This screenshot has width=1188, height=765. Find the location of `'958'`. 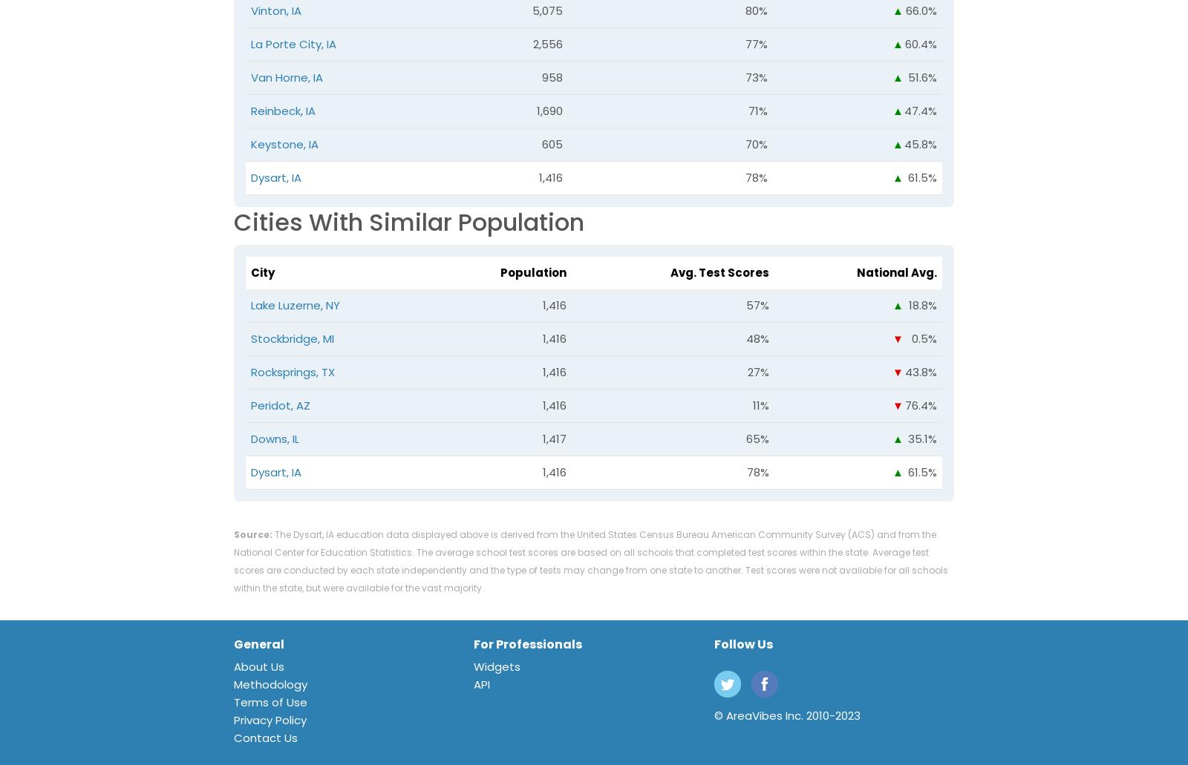

'958' is located at coordinates (552, 76).